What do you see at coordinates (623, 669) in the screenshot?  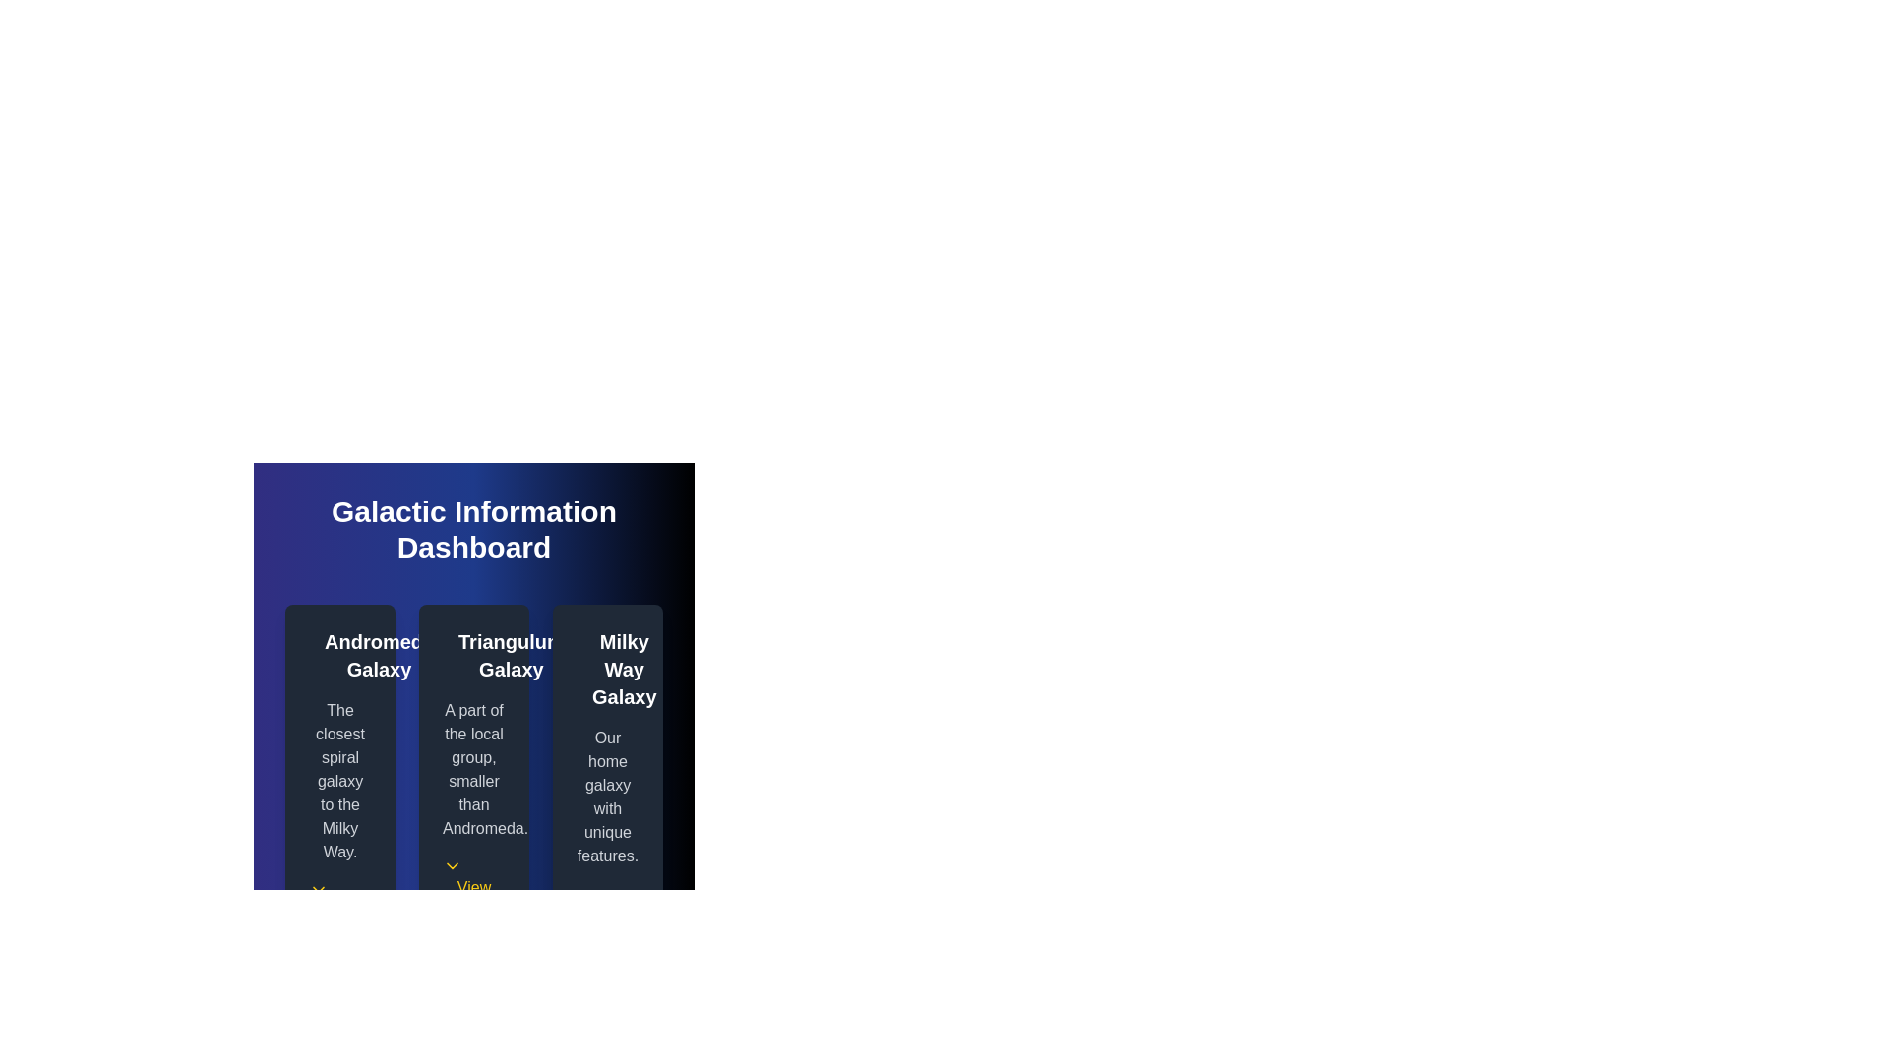 I see `text label displaying 'Milky Way Galaxy', which is a bold, large font, white-colored on a dark background, centrally aligned and located as the third item in a set of cards` at bounding box center [623, 669].